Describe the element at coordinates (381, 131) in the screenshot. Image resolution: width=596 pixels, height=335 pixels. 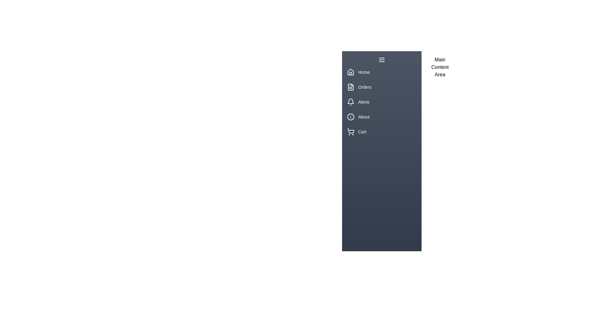
I see `the menu item Cart` at that location.